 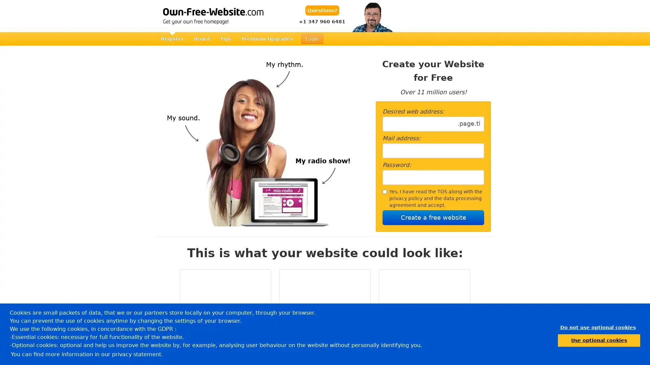 What do you see at coordinates (433, 218) in the screenshot?
I see `Create a free website` at bounding box center [433, 218].